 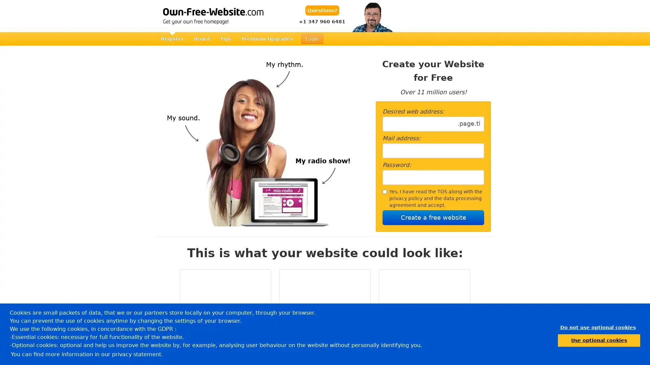 What do you see at coordinates (433, 218) in the screenshot?
I see `Create a free website` at bounding box center [433, 218].